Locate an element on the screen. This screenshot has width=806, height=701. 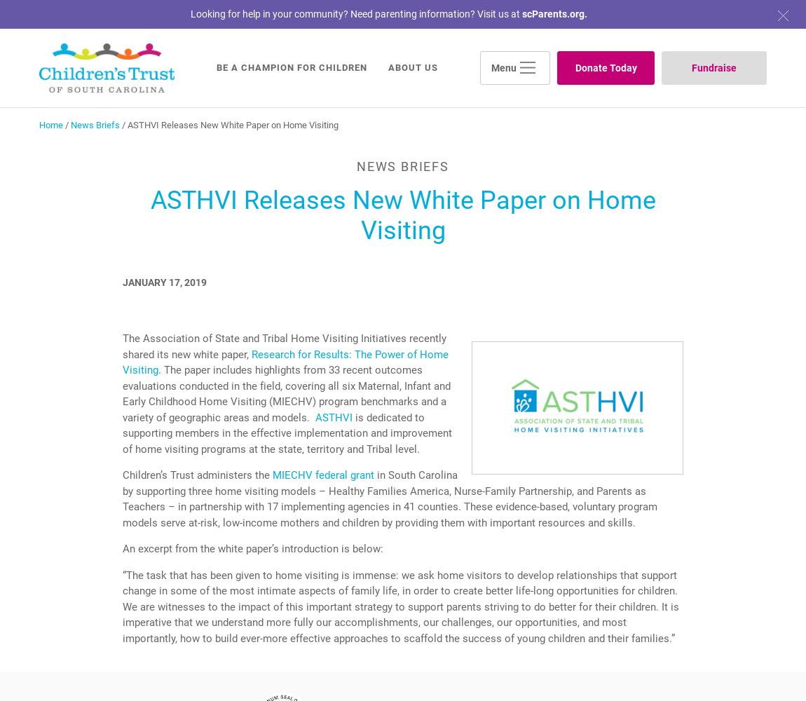
'Research for Results: The Power of Home Visiting' is located at coordinates (285, 362).